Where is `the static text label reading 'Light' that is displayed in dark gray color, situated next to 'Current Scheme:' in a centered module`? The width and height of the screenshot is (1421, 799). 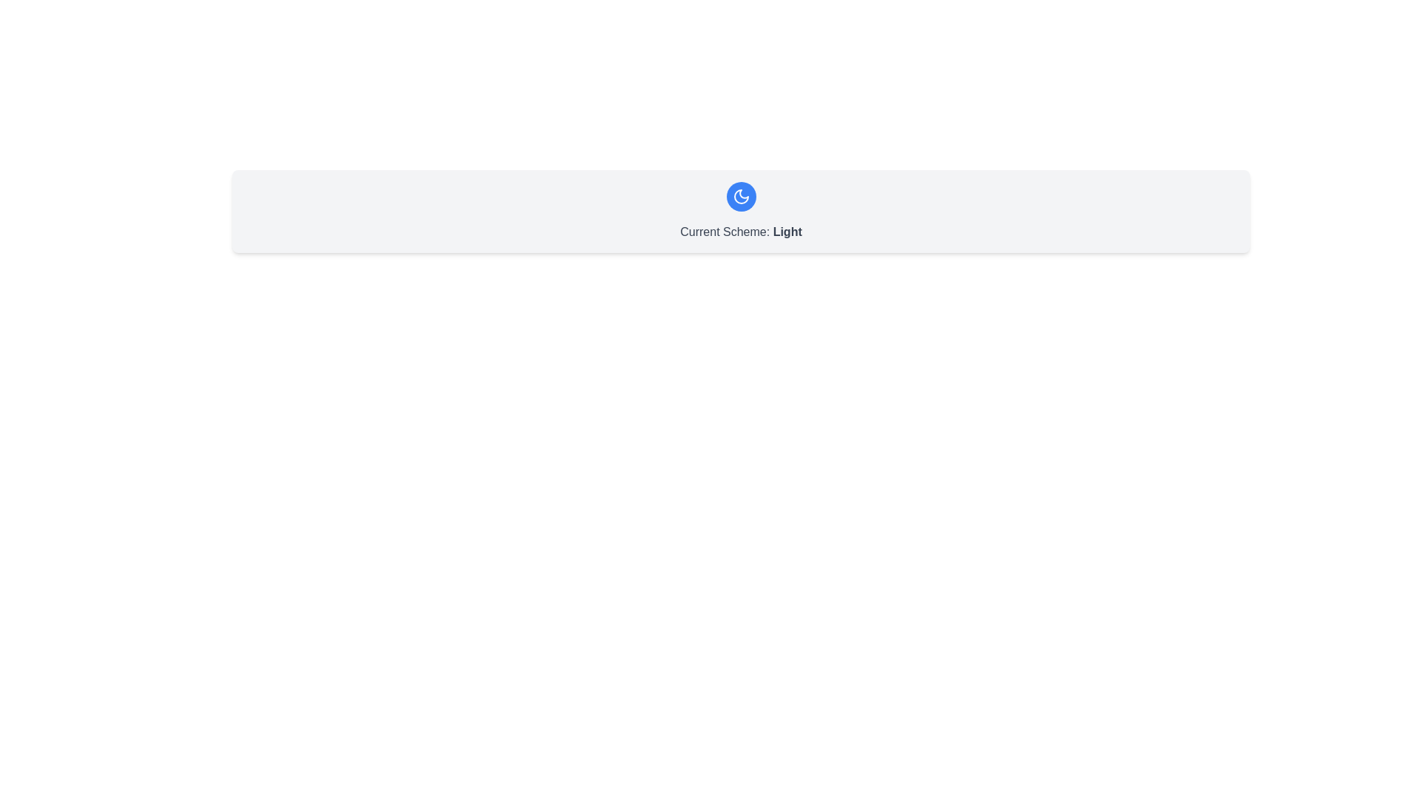 the static text label reading 'Light' that is displayed in dark gray color, situated next to 'Current Scheme:' in a centered module is located at coordinates (787, 232).